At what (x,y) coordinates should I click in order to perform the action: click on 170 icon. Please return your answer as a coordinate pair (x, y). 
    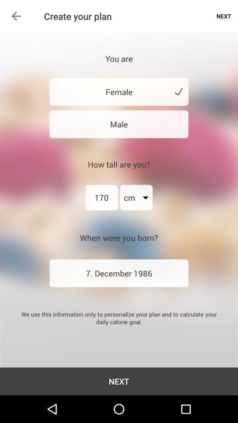
    Looking at the image, I should click on (101, 197).